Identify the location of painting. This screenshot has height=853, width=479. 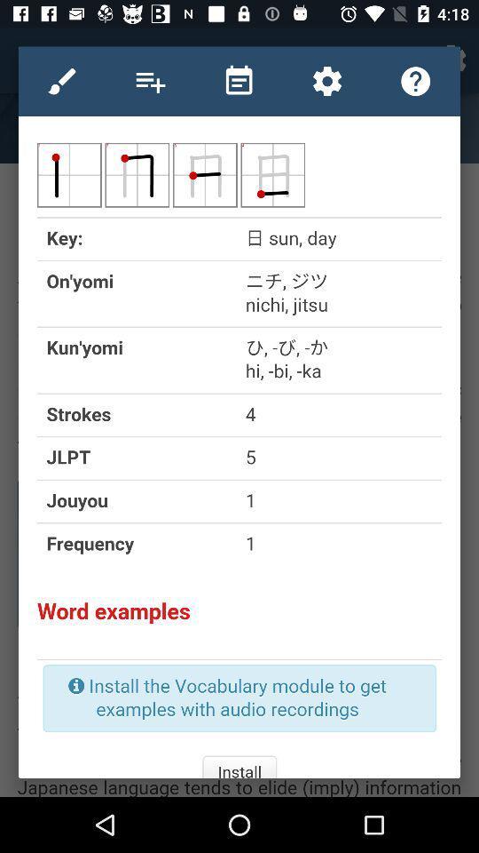
(61, 81).